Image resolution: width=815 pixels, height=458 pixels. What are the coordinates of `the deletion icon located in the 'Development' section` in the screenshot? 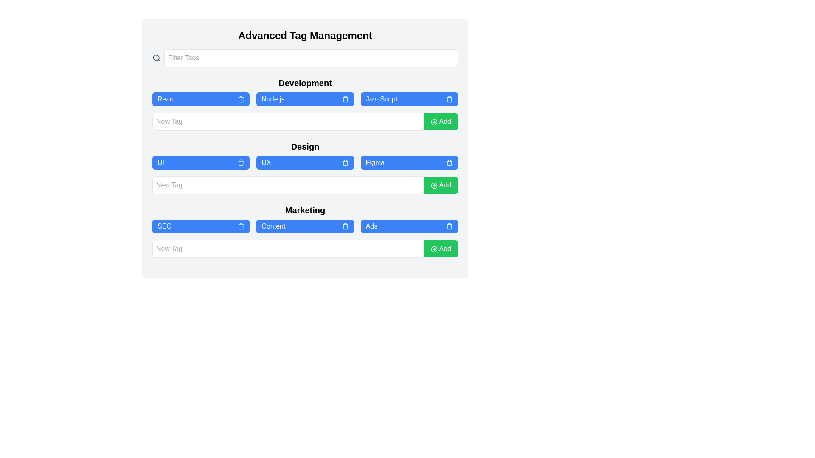 It's located at (448, 99).